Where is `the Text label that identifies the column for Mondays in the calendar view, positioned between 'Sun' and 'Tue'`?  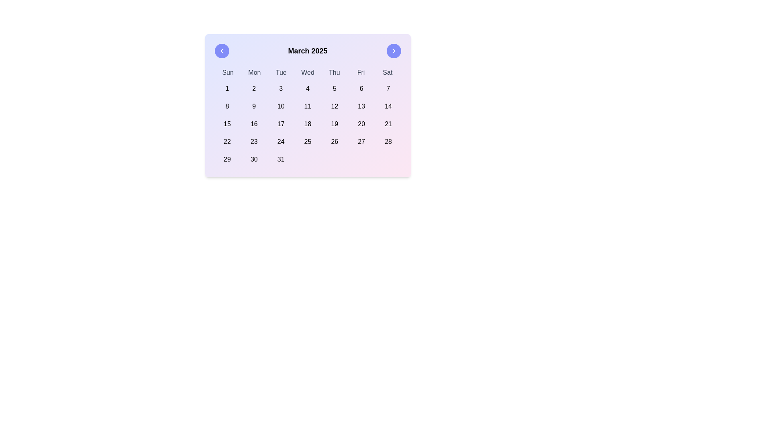 the Text label that identifies the column for Mondays in the calendar view, positioned between 'Sun' and 'Tue' is located at coordinates (254, 73).